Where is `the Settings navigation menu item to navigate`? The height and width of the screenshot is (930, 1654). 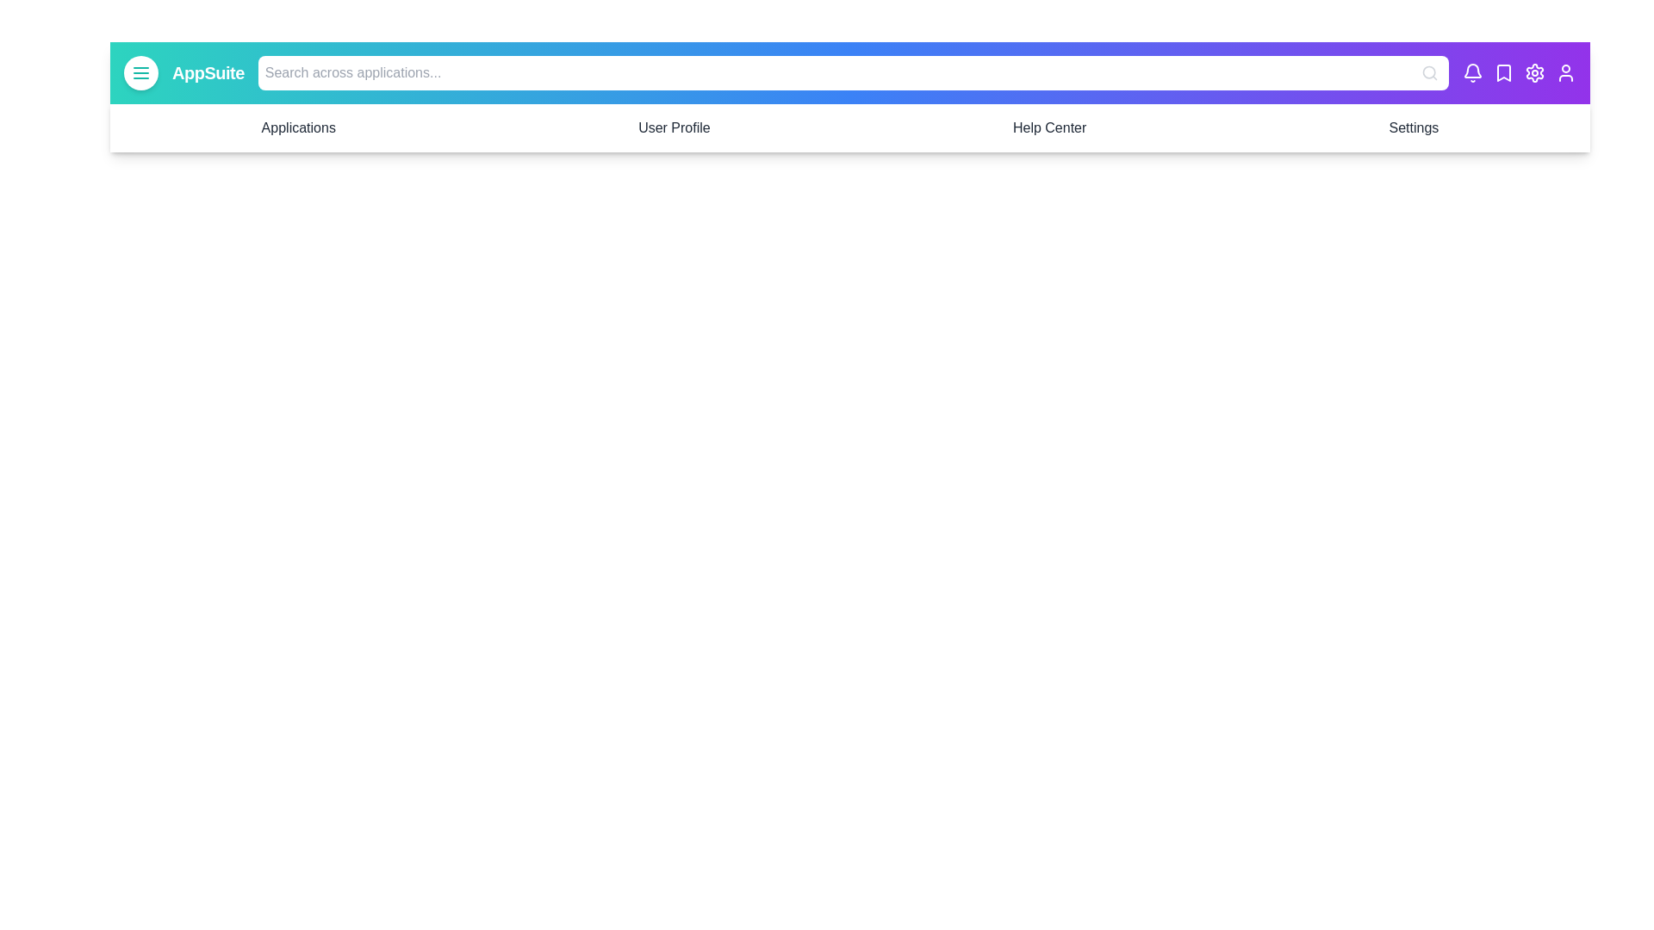 the Settings navigation menu item to navigate is located at coordinates (1414, 127).